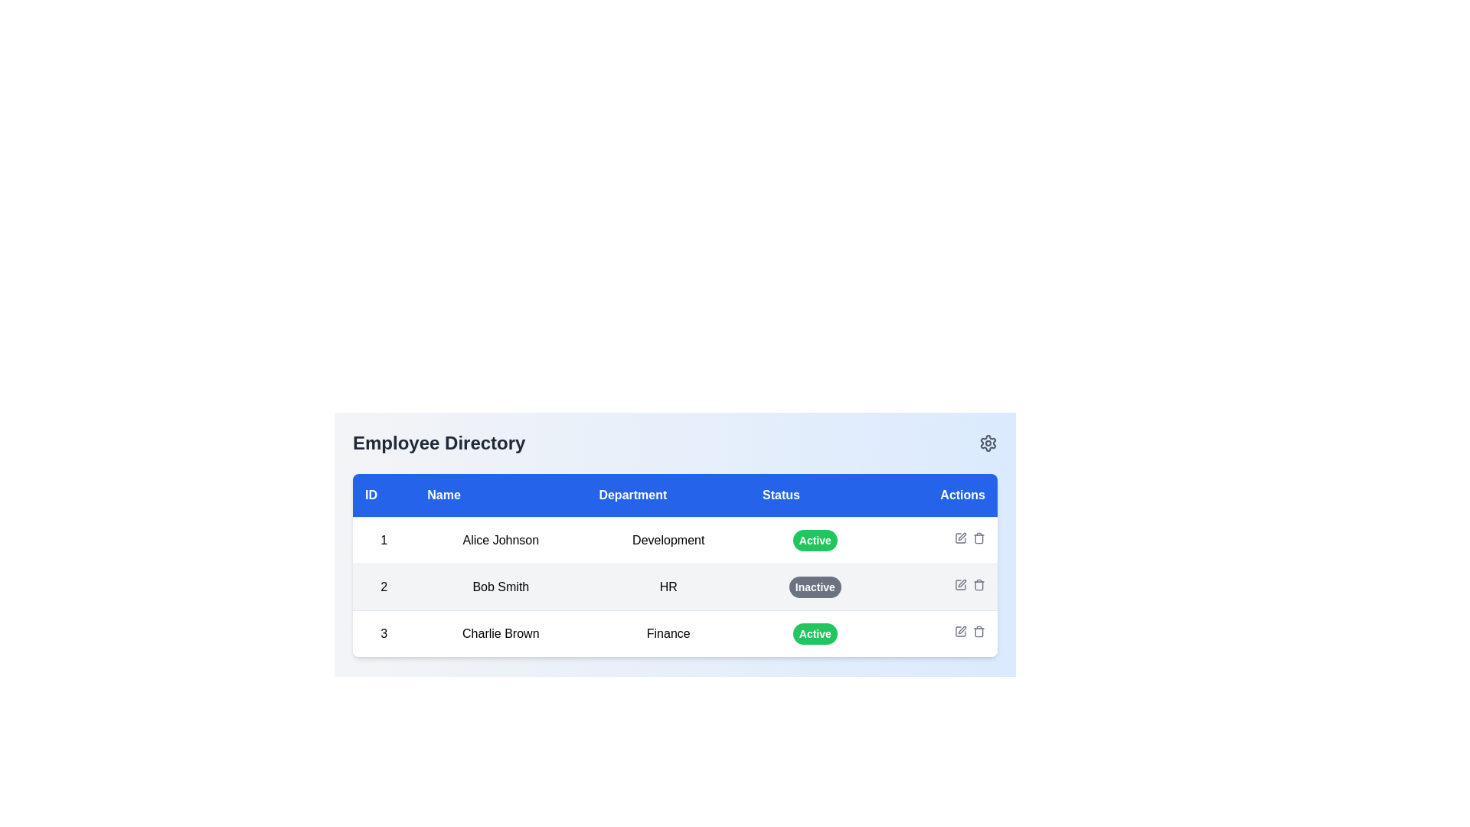 This screenshot has width=1470, height=827. I want to click on the Edit button icon located in the 'Actions' column of the second row of the employee directory table, so click(962, 536).